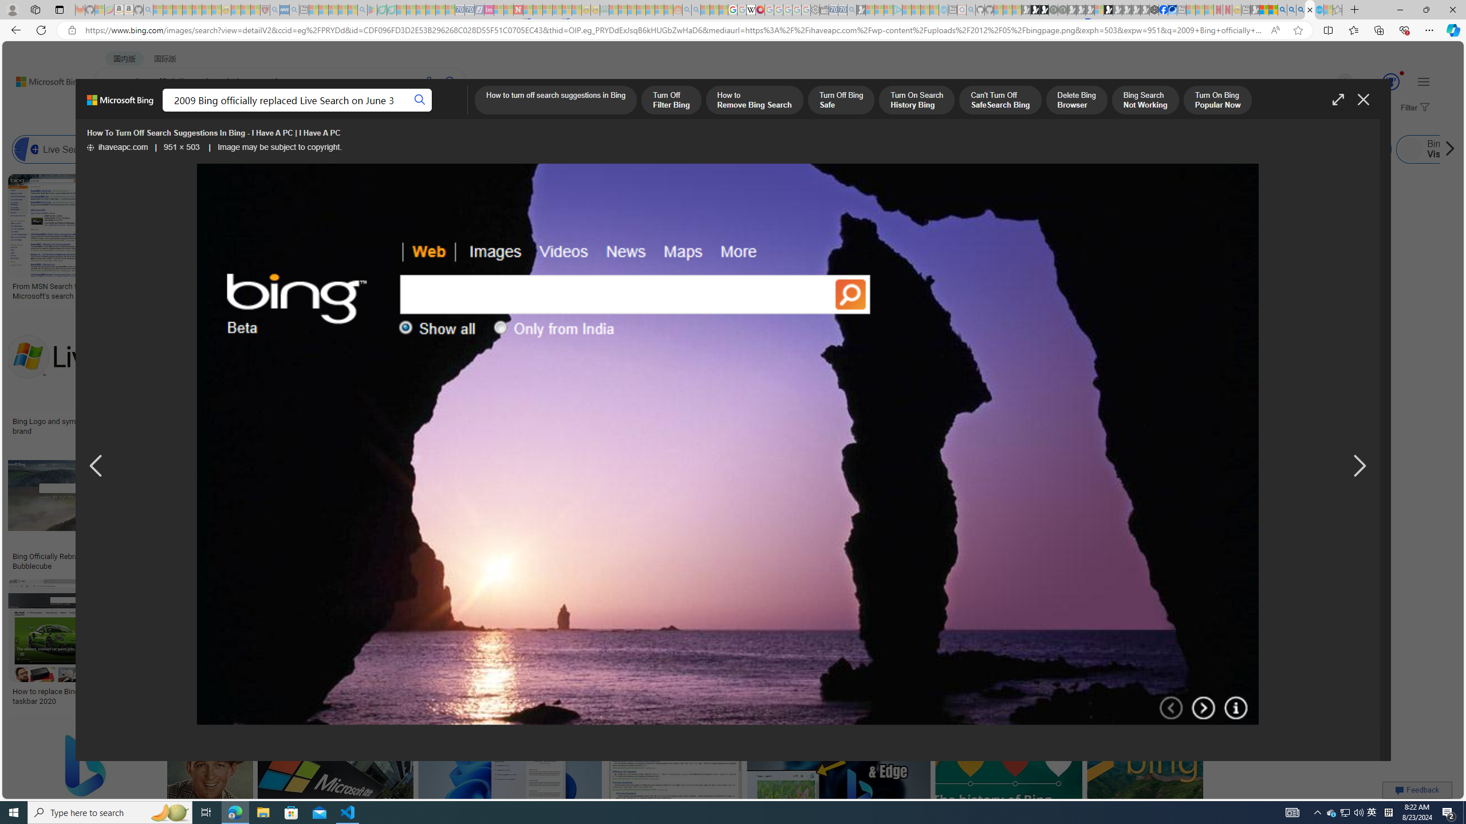  I want to click on 'How to replace Bing in Windows 10 search on the taskbar 2020', so click(94, 695).